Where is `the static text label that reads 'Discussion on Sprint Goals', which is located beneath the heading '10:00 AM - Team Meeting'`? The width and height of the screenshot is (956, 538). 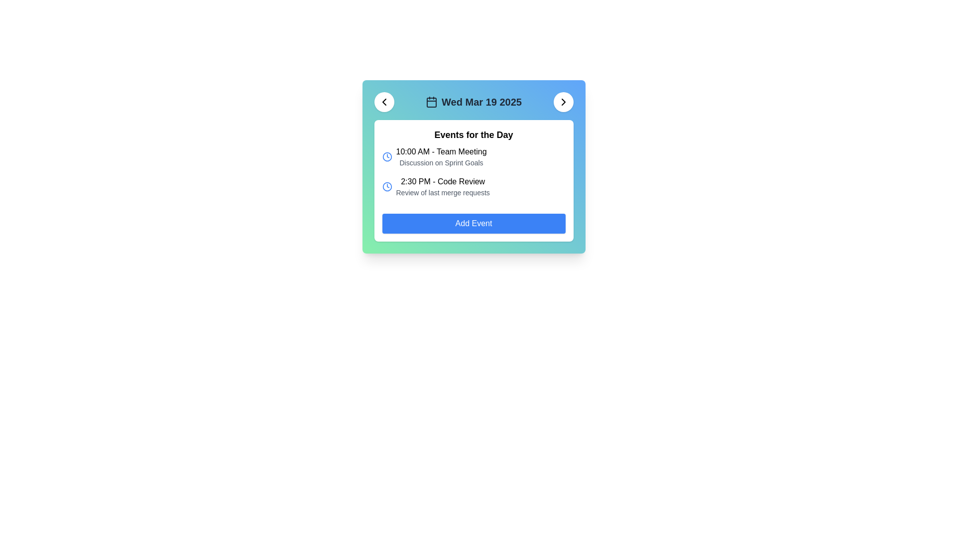 the static text label that reads 'Discussion on Sprint Goals', which is located beneath the heading '10:00 AM - Team Meeting' is located at coordinates (441, 162).